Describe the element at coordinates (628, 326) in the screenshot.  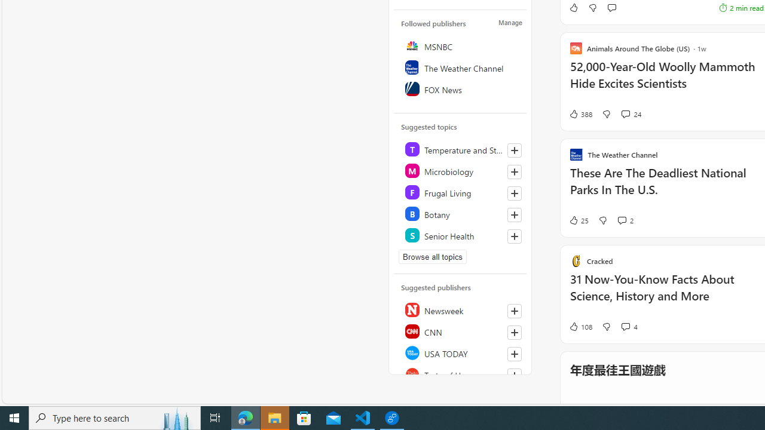
I see `'View comments 4 Comment'` at that location.